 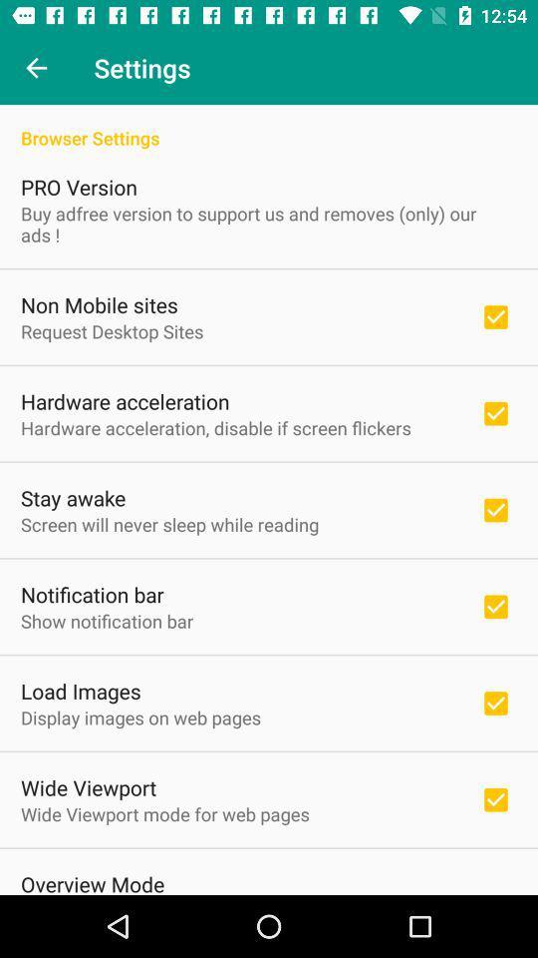 I want to click on the icon above notification bar item, so click(x=169, y=523).